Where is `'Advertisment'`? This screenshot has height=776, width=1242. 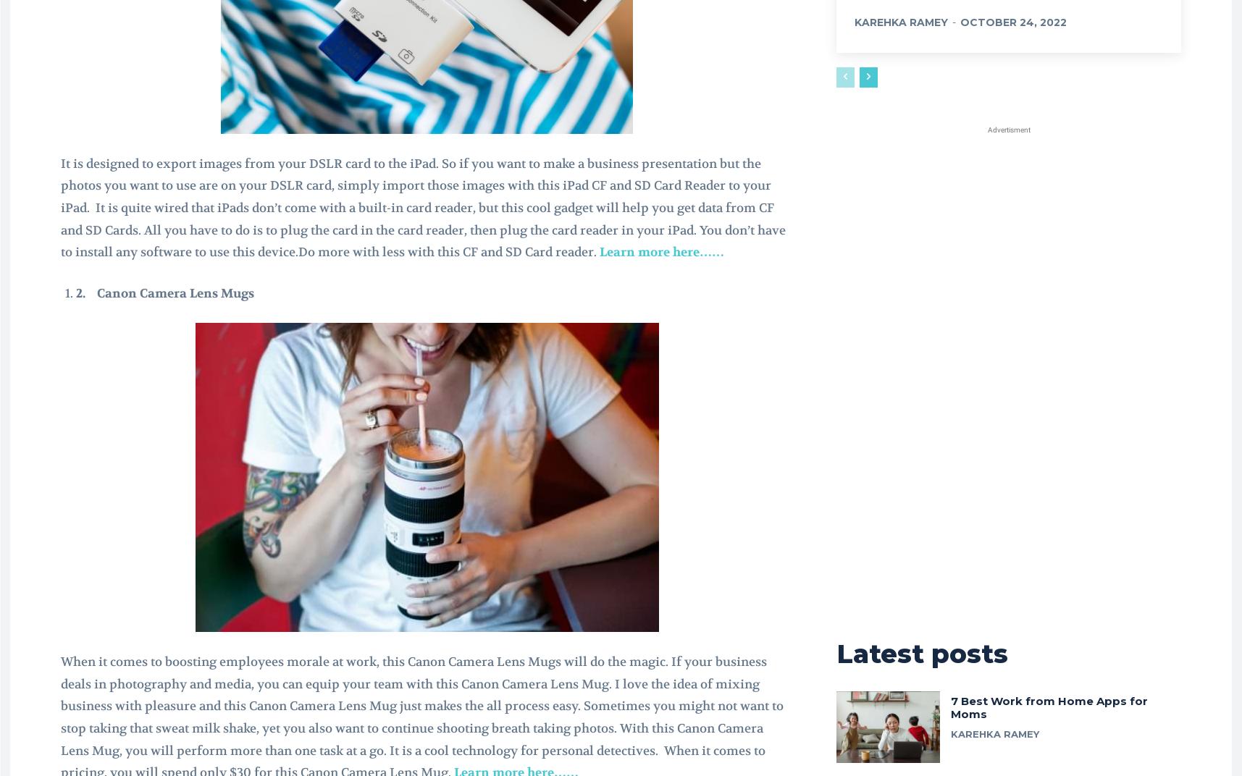
'Advertisment' is located at coordinates (1008, 129).